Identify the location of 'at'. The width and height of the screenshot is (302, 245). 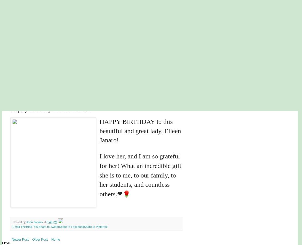
(44, 222).